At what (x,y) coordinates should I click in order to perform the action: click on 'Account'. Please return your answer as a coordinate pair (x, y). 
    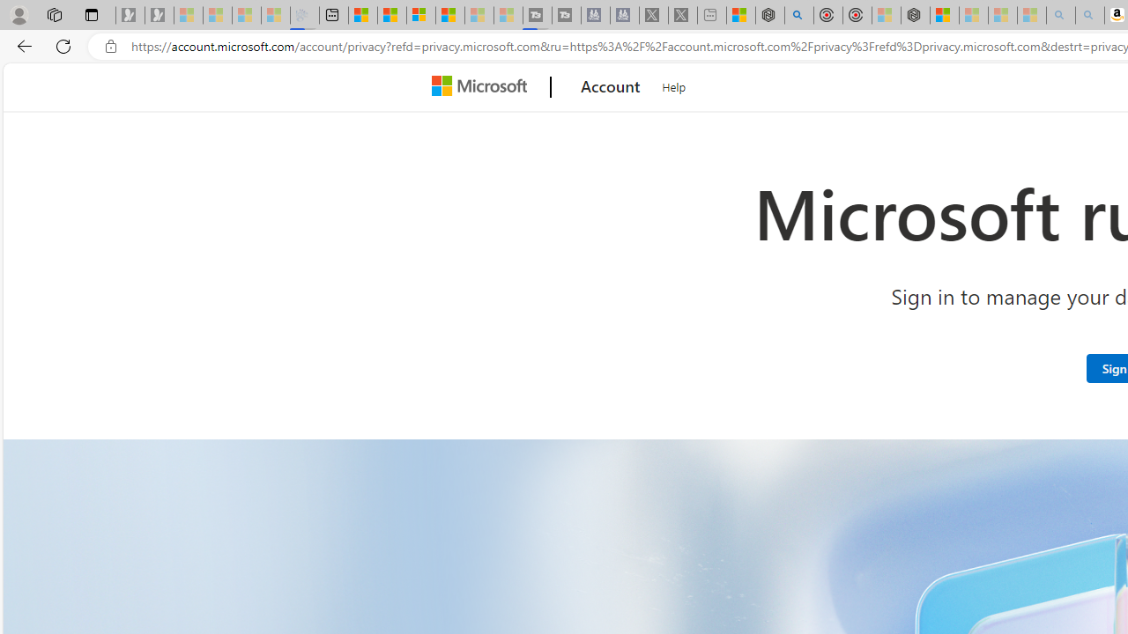
    Looking at the image, I should click on (611, 87).